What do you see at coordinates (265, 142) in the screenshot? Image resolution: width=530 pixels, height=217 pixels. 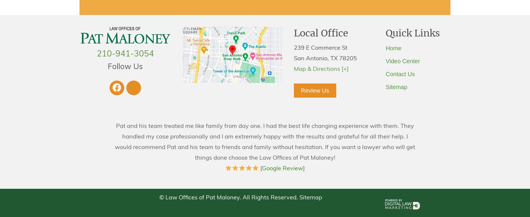 I see `'Pat and his team treated me like family from day one. I had the best life changing experience with them. They handled my case professionally and I am extremely happy with the results and grateful for all their help. I would recommend Pat and his team to friends and family without hesitation. If you want a lawyer who will get things done choose the Law Offices of Pat Maloney!'` at bounding box center [265, 142].